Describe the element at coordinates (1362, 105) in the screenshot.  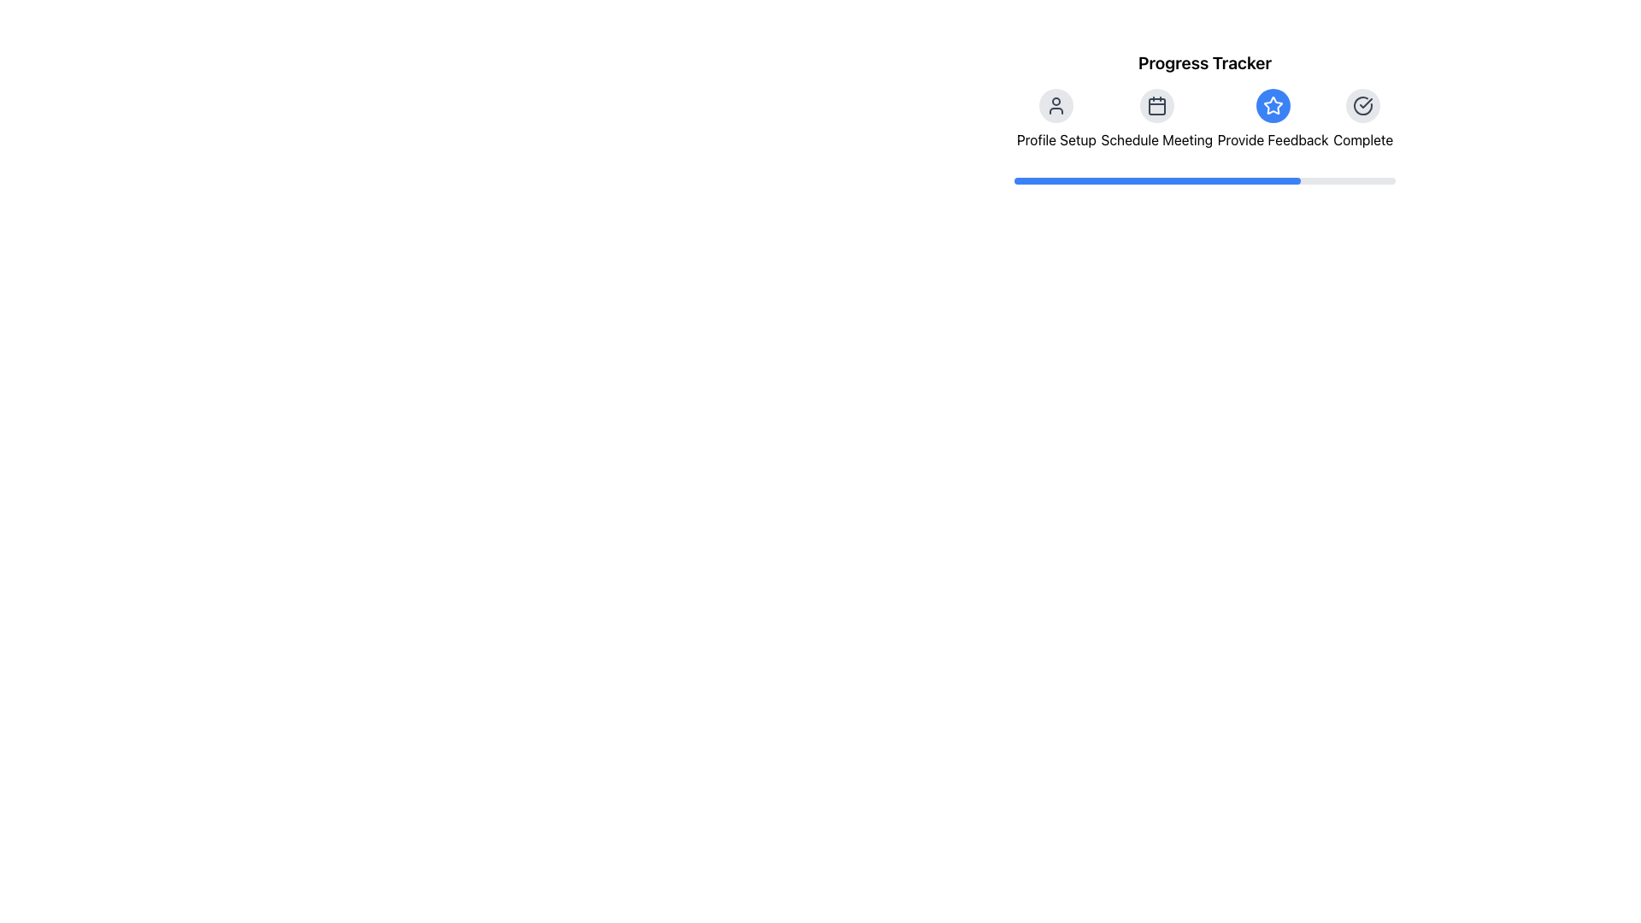
I see `the 'Complete' button in the progress tracker` at that location.